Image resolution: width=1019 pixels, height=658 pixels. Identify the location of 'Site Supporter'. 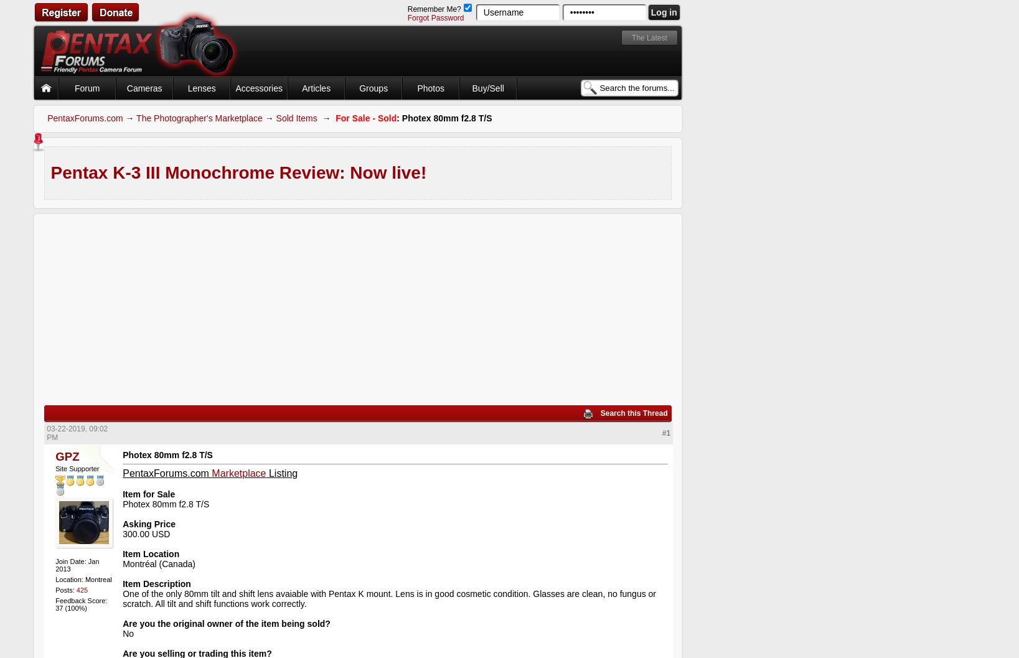
(77, 467).